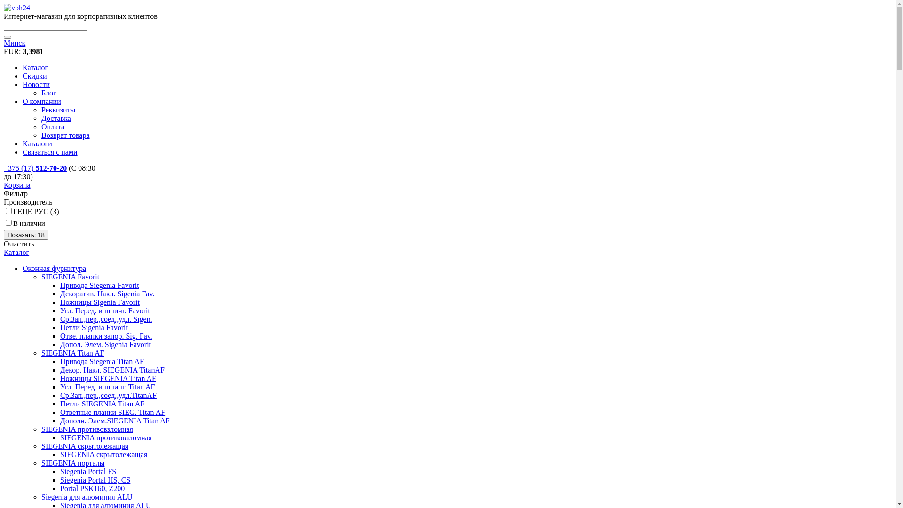 Image resolution: width=903 pixels, height=508 pixels. What do you see at coordinates (35, 167) in the screenshot?
I see `'+375 (17) 512-70-20'` at bounding box center [35, 167].